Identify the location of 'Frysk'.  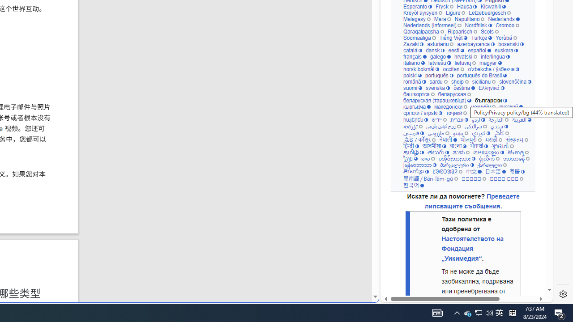
(444, 6).